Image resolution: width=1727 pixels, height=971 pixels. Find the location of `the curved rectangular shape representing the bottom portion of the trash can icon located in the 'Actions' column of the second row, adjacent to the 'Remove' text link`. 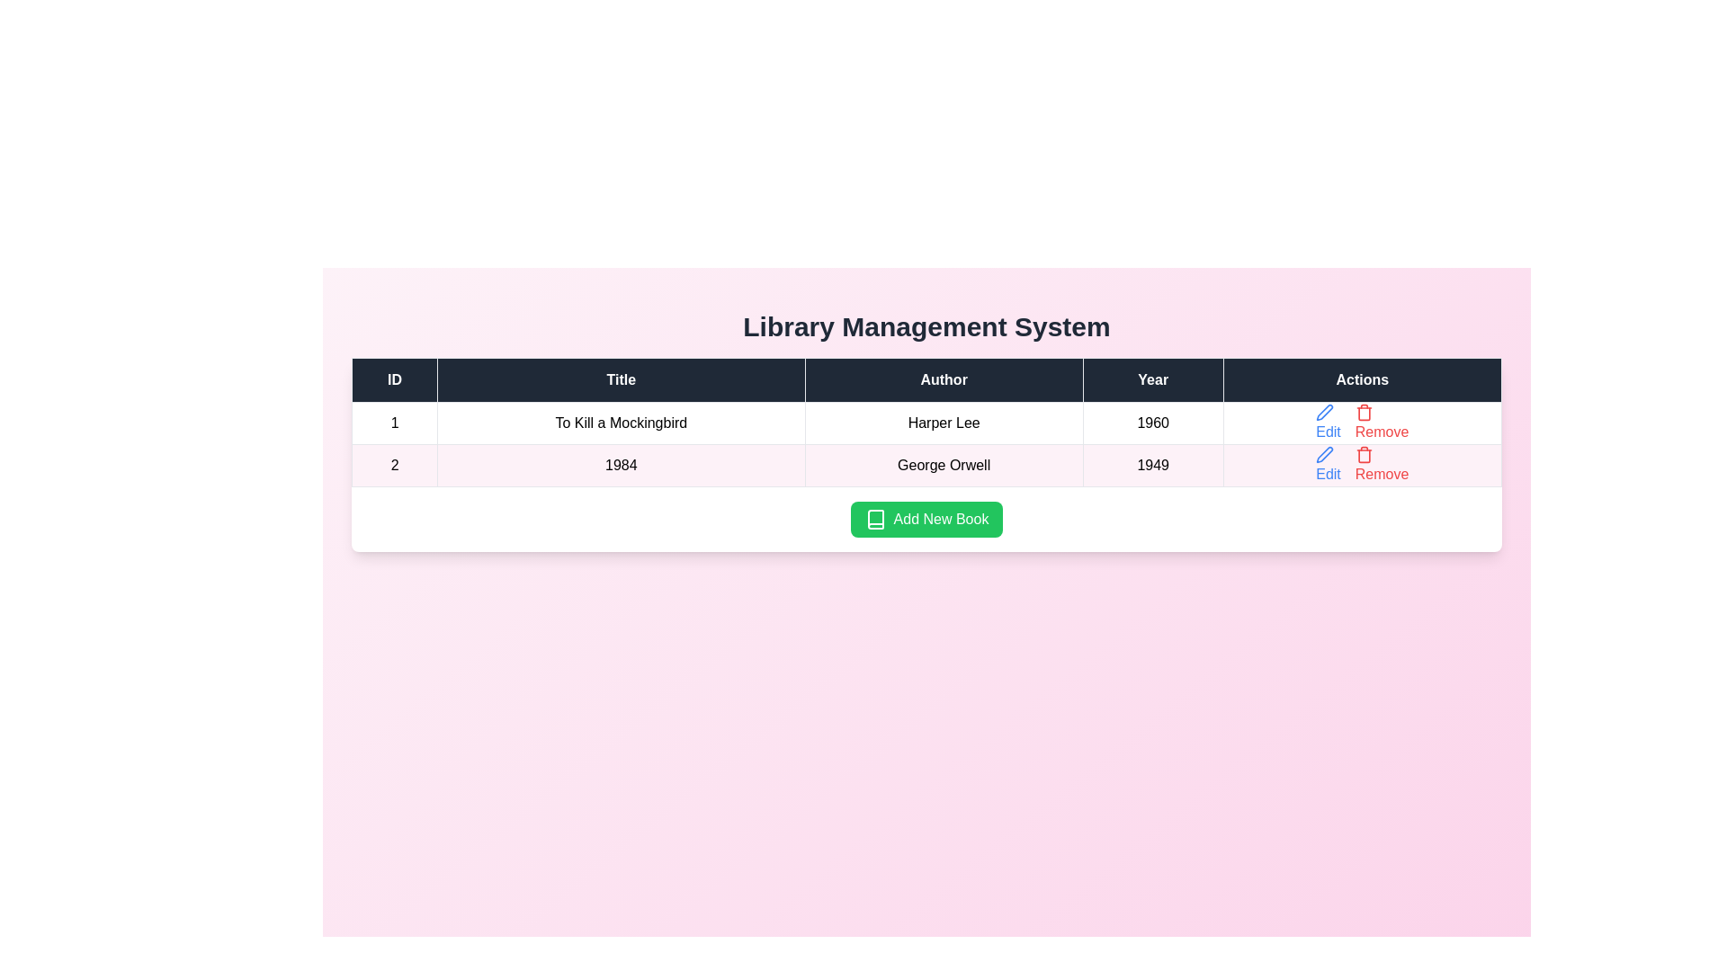

the curved rectangular shape representing the bottom portion of the trash can icon located in the 'Actions' column of the second row, adjacent to the 'Remove' text link is located at coordinates (1364, 455).